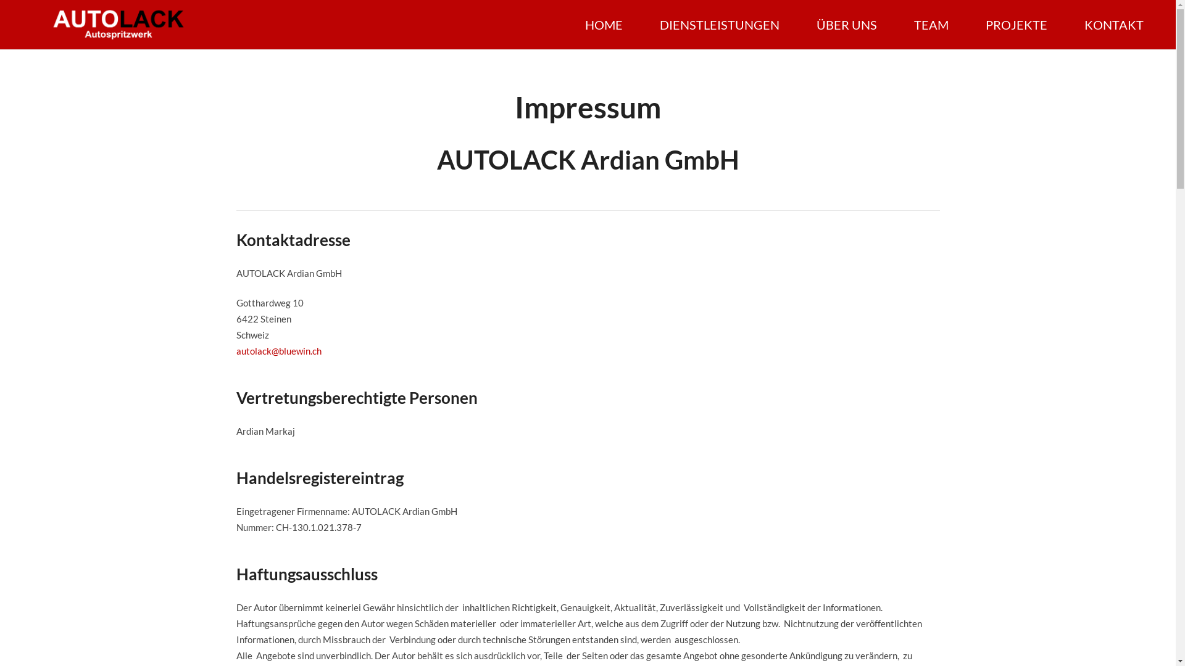 The image size is (1185, 666). I want to click on 'autolack@bluewin.ch', so click(278, 351).